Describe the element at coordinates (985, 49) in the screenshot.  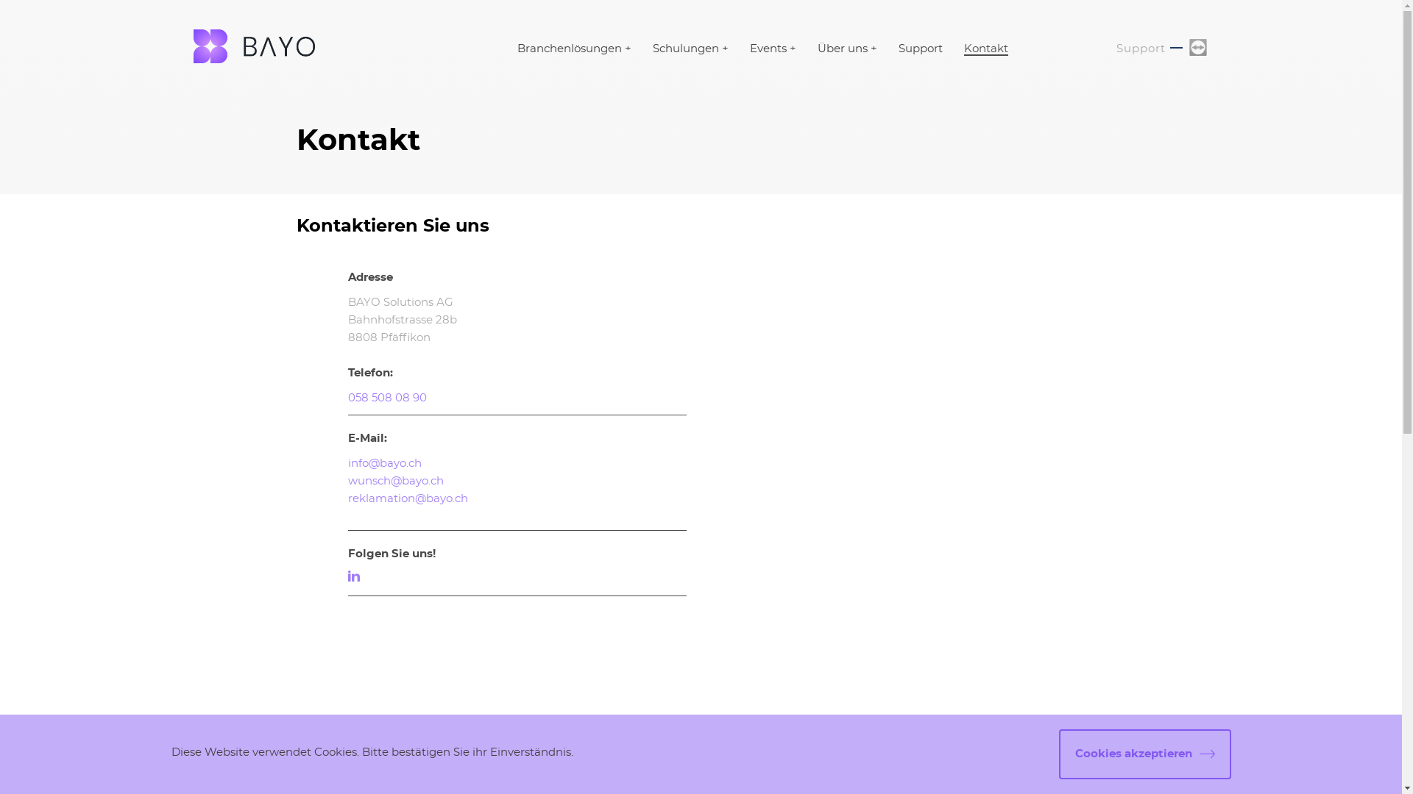
I see `'Kontakt'` at that location.